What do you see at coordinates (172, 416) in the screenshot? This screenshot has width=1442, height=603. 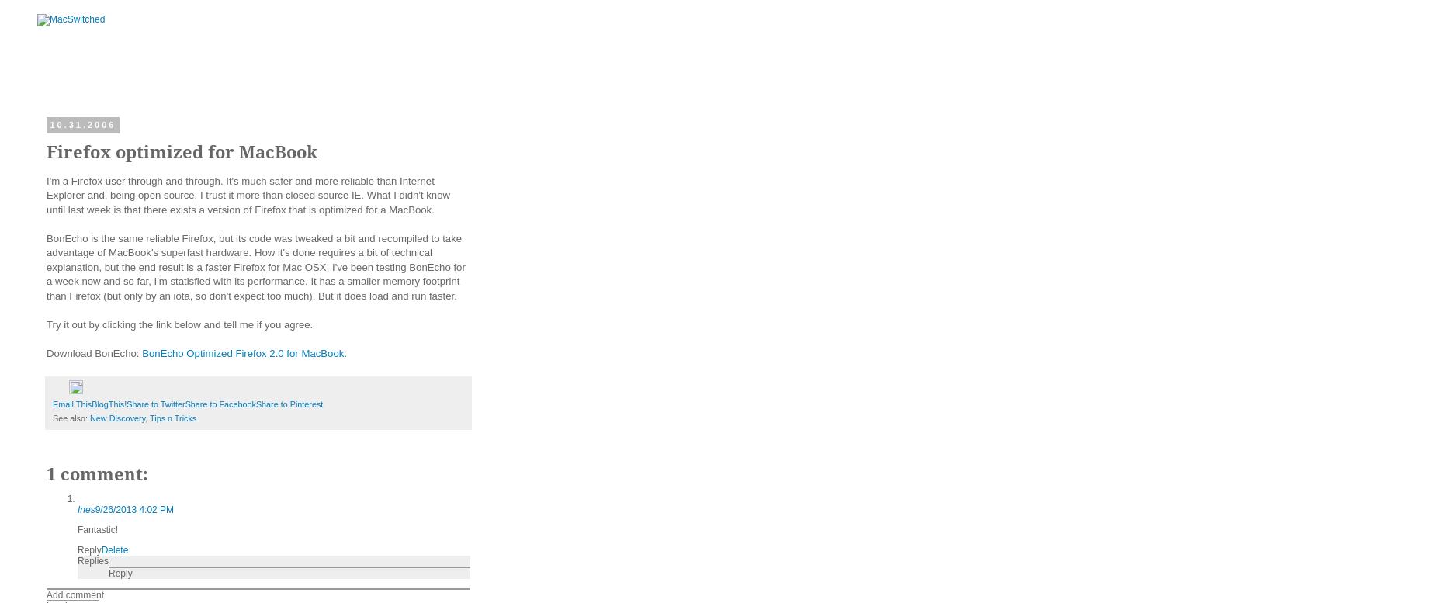 I see `'Tips n Tricks'` at bounding box center [172, 416].